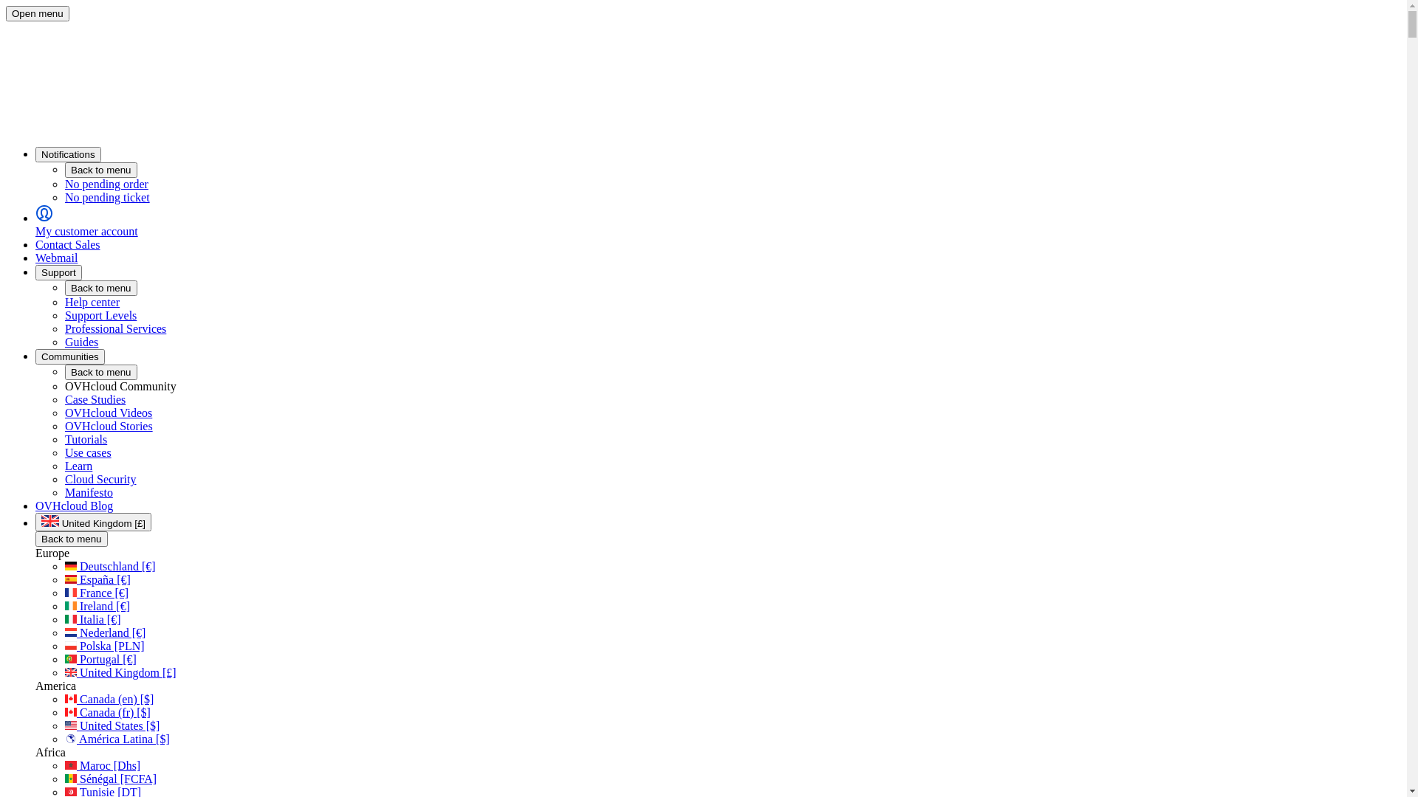 The height and width of the screenshot is (797, 1418). I want to click on 'Back to menu', so click(100, 169).